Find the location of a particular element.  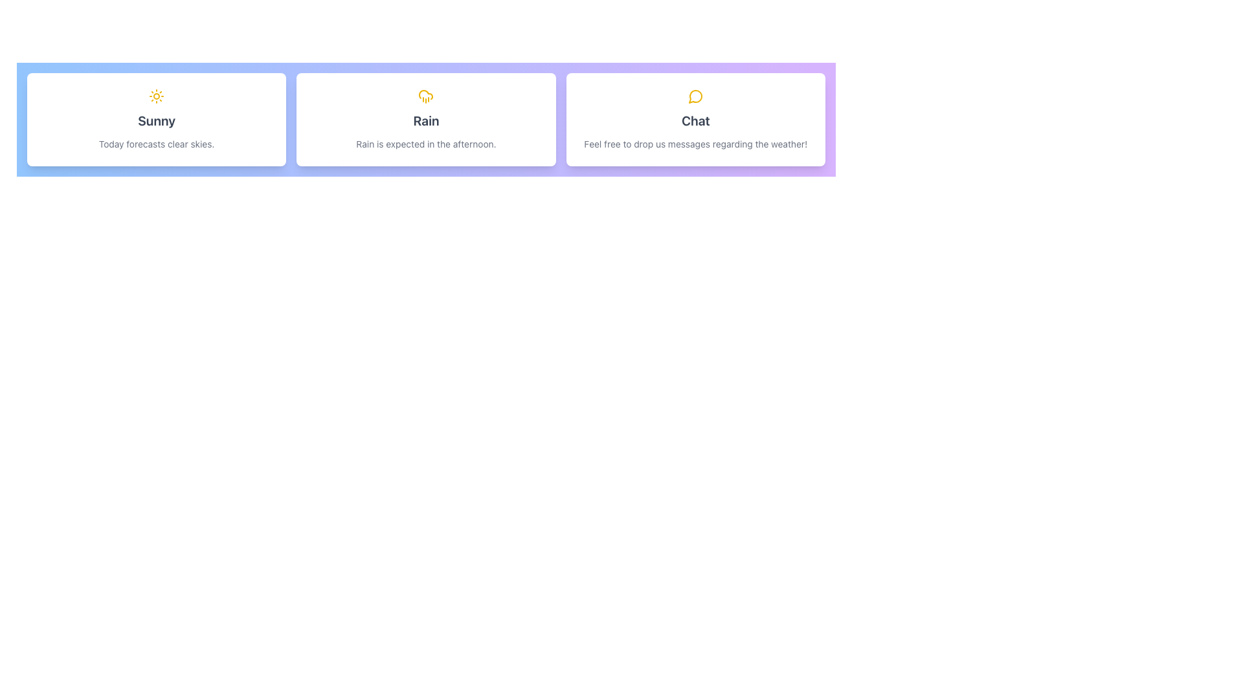

the sun-shaped yellow icon at the top-center of the 'Sunny' card to possibly get more details about the weather is located at coordinates (155, 96).